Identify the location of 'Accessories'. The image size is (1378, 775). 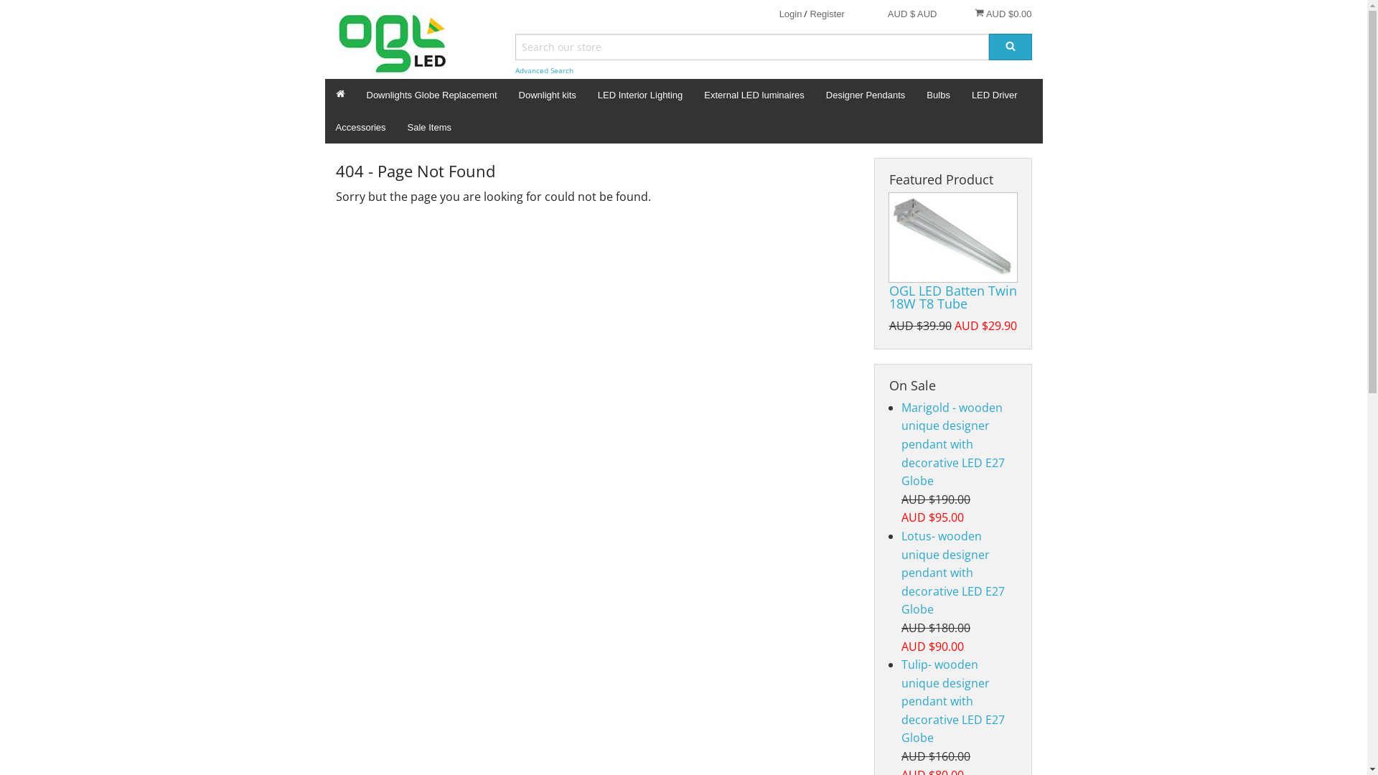
(360, 126).